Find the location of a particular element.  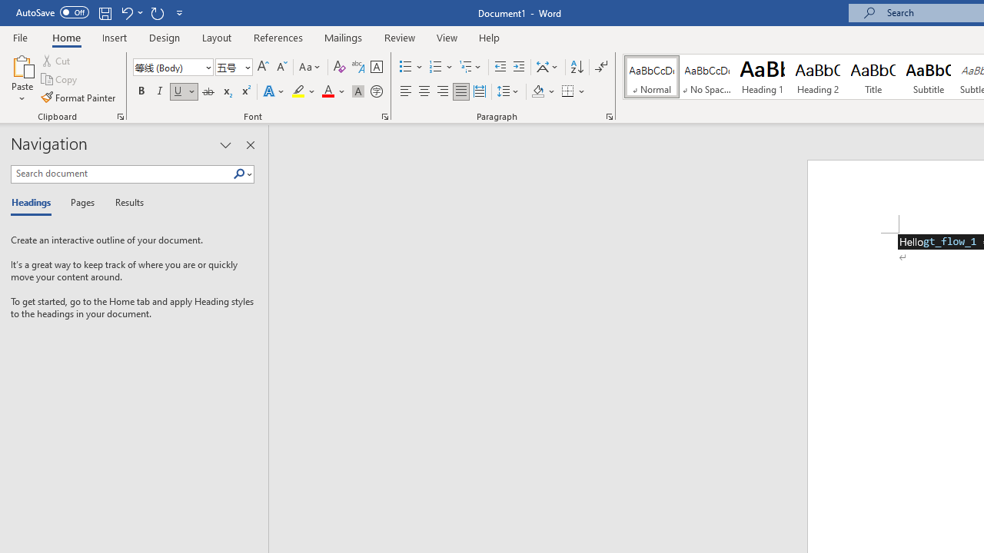

'Office Clipboard...' is located at coordinates (119, 115).